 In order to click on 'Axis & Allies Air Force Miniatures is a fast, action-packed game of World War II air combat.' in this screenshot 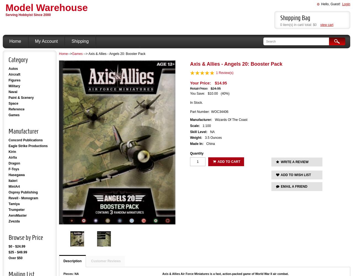, I will do `click(225, 273)`.